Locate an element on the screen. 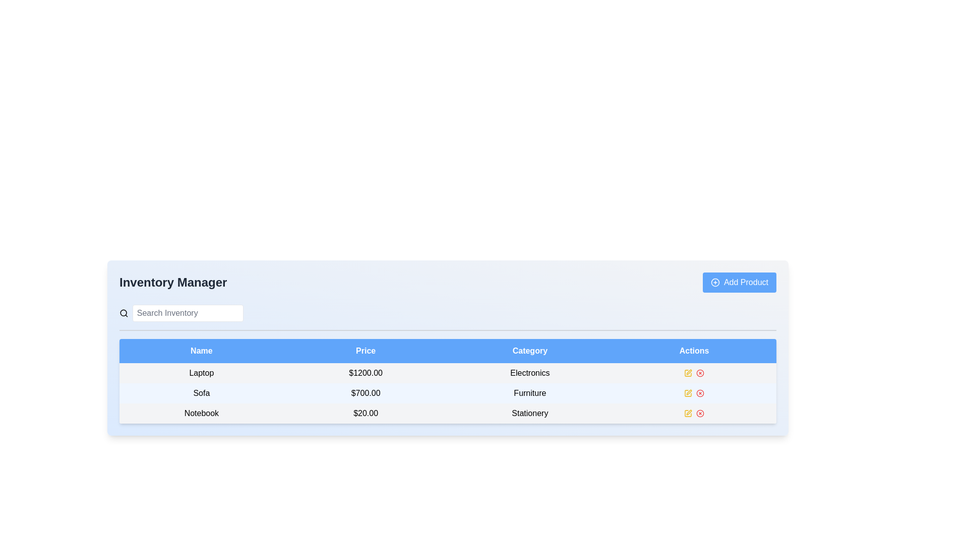 This screenshot has height=544, width=968. the circular red 'x' button in the 'Actions' column of the table is located at coordinates (699, 373).